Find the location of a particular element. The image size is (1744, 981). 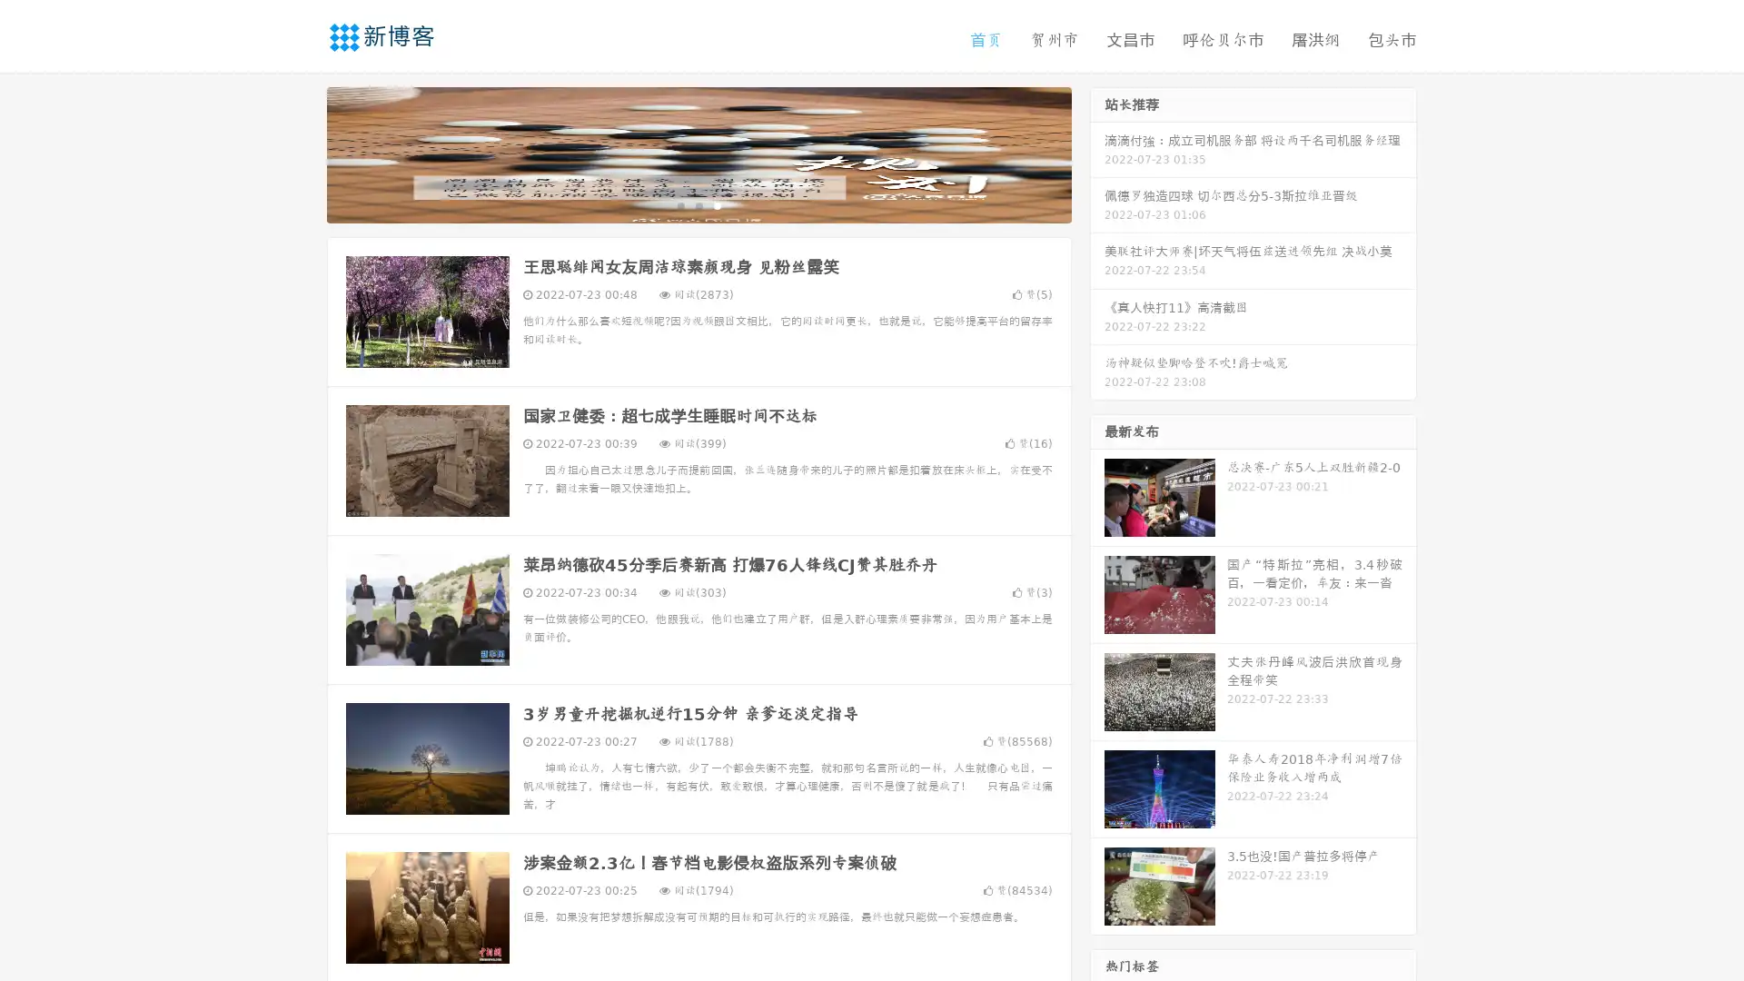

Next slide is located at coordinates (1097, 153).